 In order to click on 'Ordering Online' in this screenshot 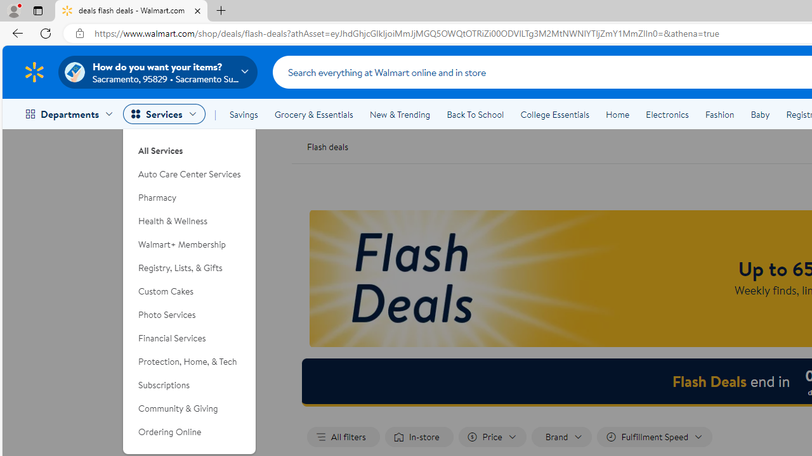, I will do `click(189, 431)`.